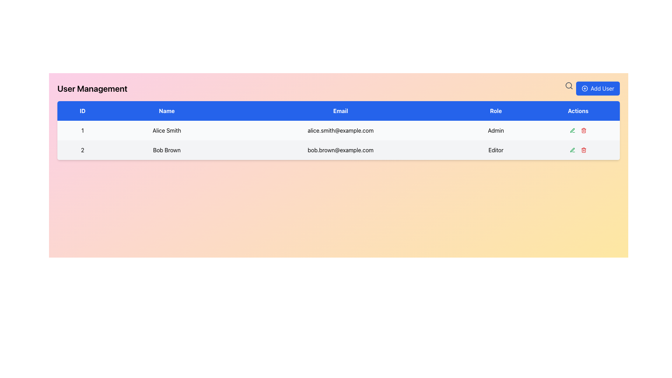  Describe the element at coordinates (578, 110) in the screenshot. I see `the fifth table header item, which is positioned at the far-right of the table header section, indicating action icons or buttons for each row` at that location.